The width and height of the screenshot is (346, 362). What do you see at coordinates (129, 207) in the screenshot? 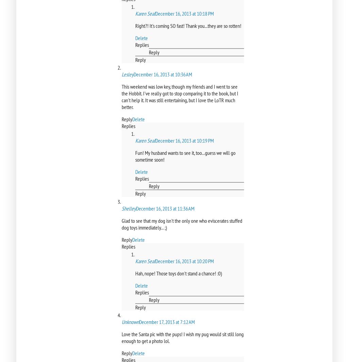
I see `'Shelley'` at bounding box center [129, 207].